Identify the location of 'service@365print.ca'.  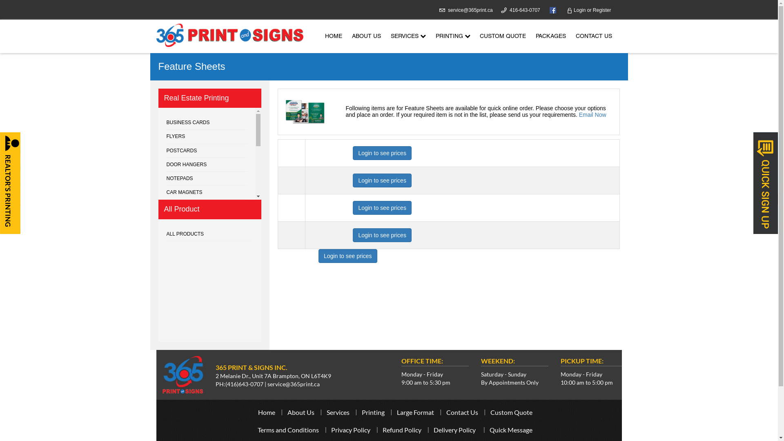
(470, 10).